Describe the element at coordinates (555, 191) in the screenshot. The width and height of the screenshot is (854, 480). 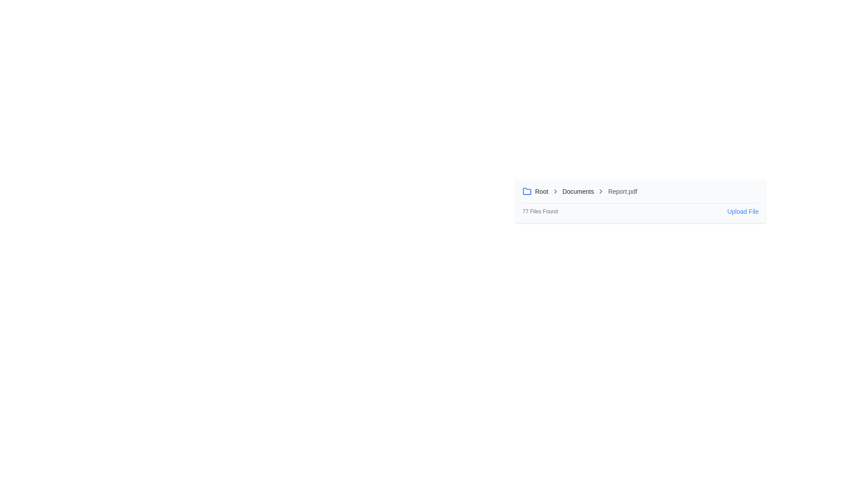
I see `the second chevron icon in the breadcrumb navigation strip, which separates the 'Root' and 'Documents' segments to understand the navigation hierarchy` at that location.